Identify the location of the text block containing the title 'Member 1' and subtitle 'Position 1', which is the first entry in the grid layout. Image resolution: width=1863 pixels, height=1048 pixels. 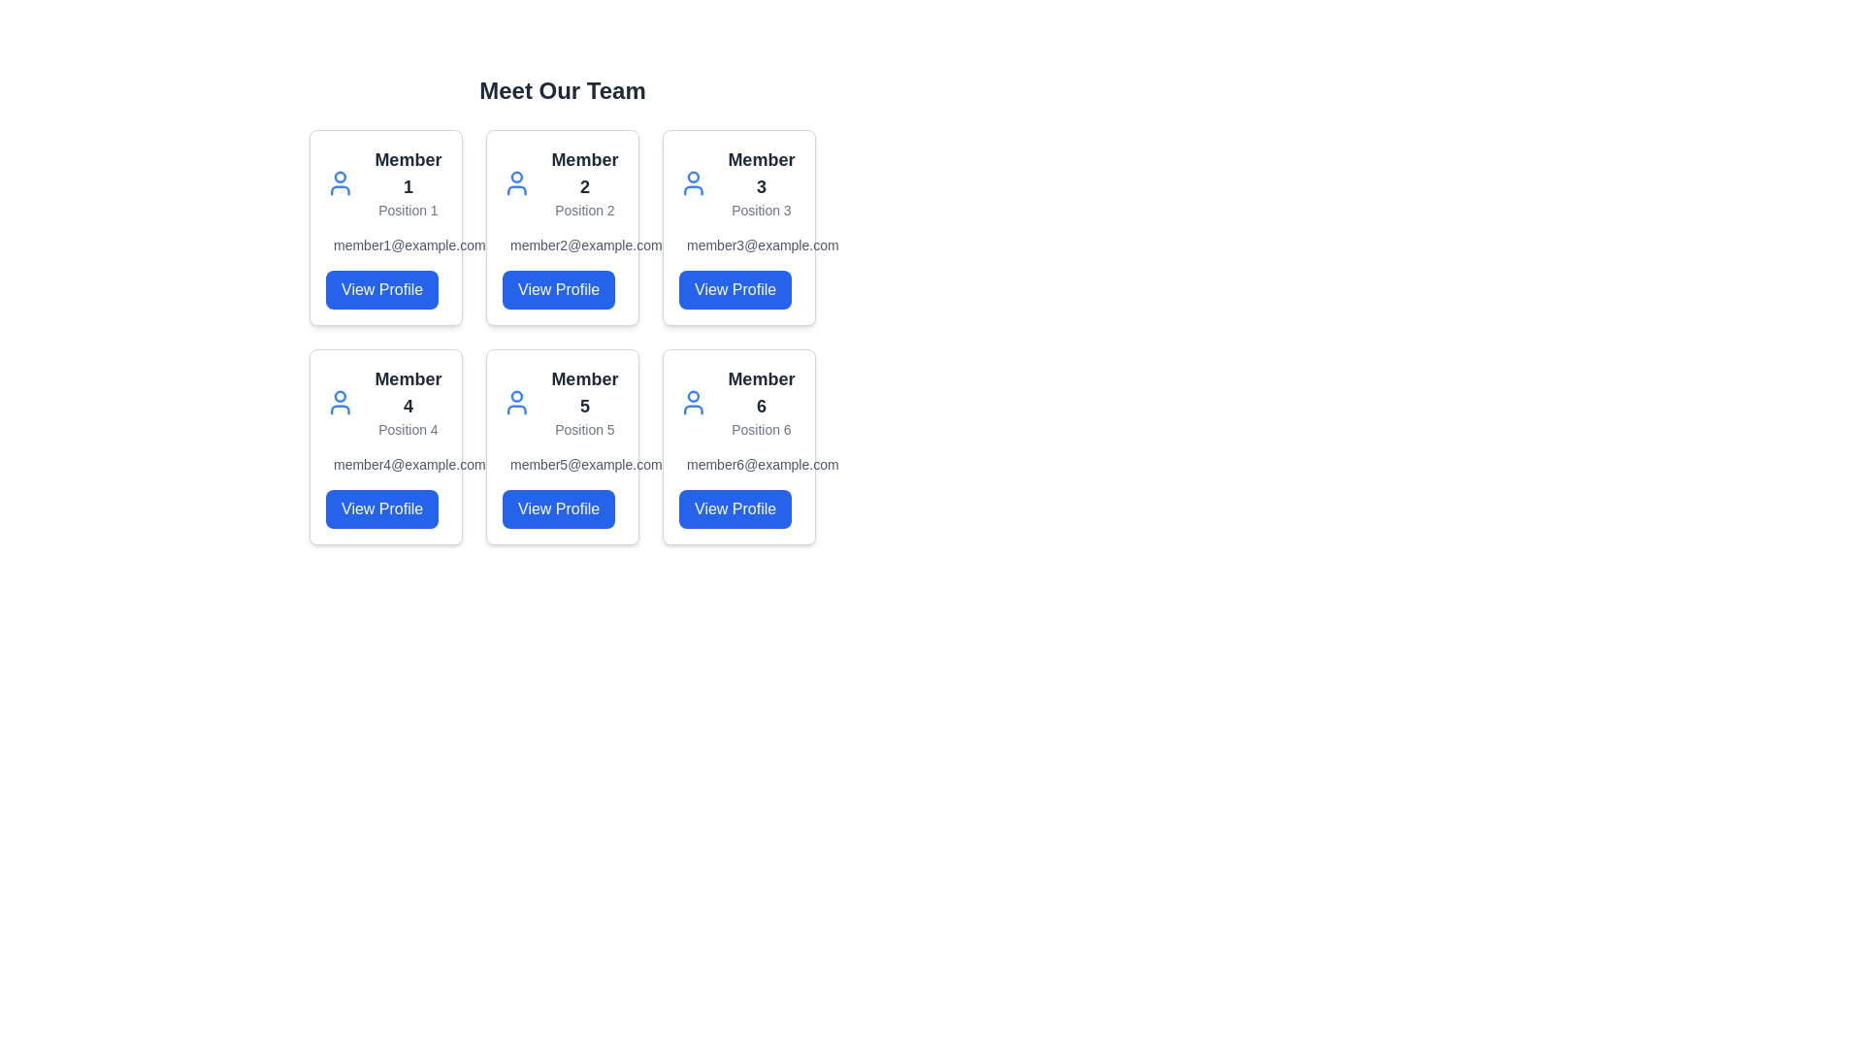
(407, 183).